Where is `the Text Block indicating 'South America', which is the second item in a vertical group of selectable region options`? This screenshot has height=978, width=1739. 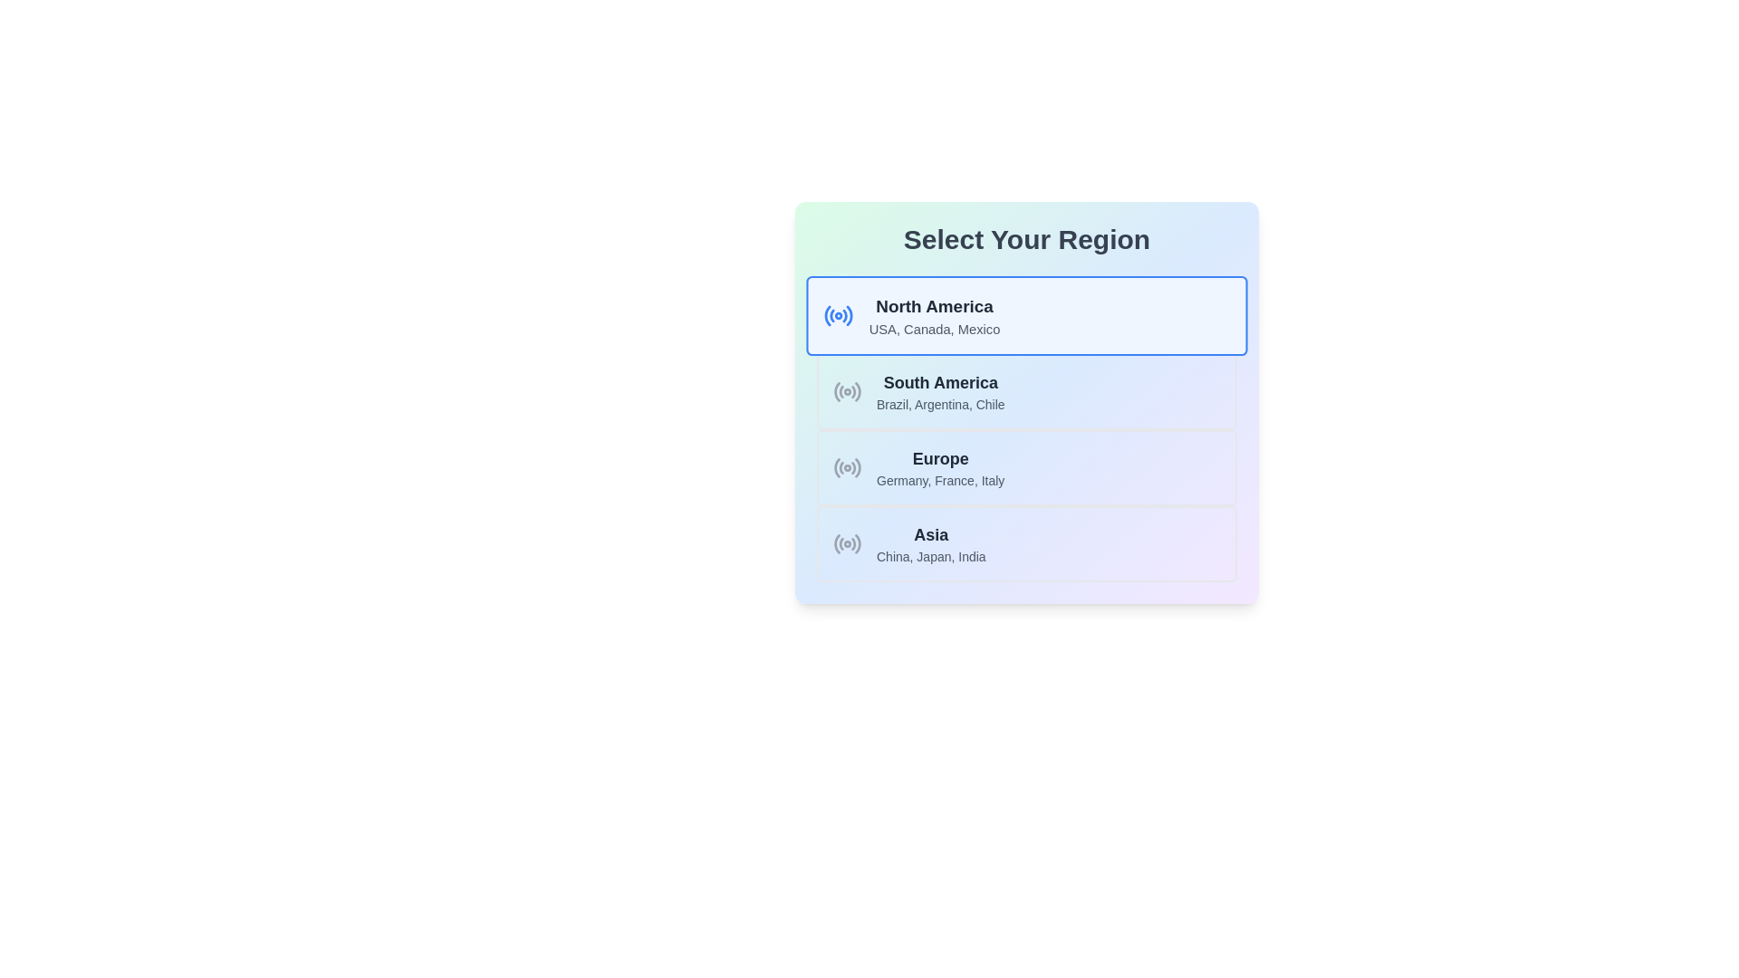
the Text Block indicating 'South America', which is the second item in a vertical group of selectable region options is located at coordinates (940, 390).